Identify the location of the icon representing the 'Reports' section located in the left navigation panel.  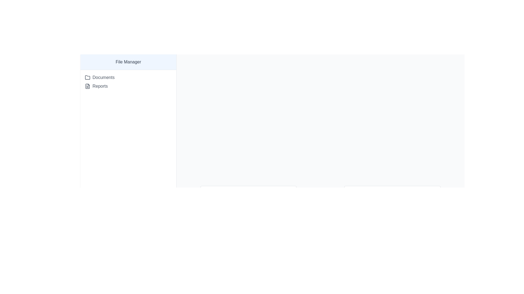
(88, 86).